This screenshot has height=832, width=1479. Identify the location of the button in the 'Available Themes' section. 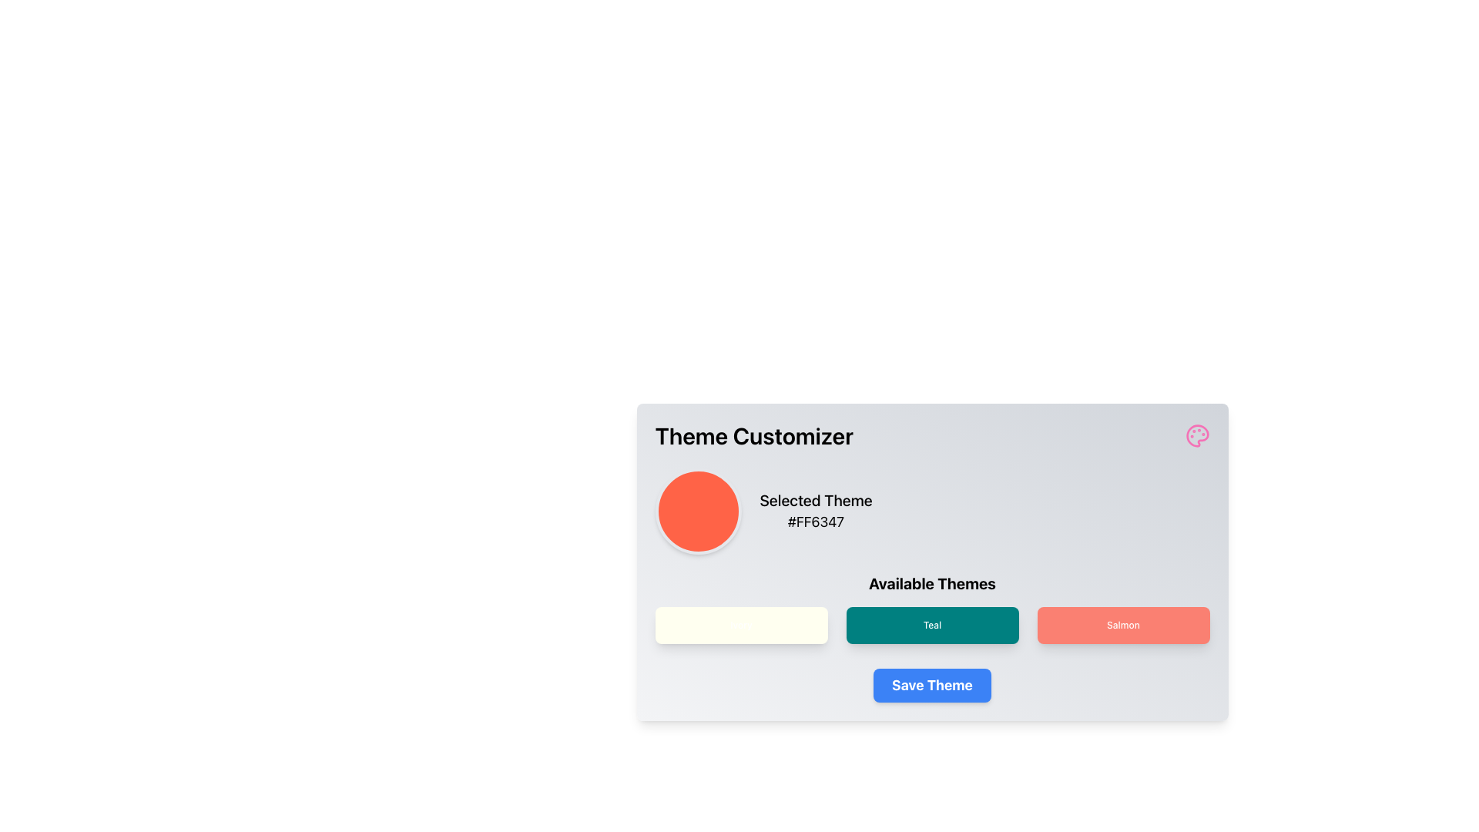
(931, 626).